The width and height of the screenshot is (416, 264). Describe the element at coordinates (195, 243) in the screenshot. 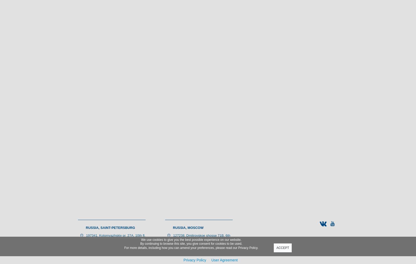

I see `'+ 7 (495) 988-46-83'` at that location.